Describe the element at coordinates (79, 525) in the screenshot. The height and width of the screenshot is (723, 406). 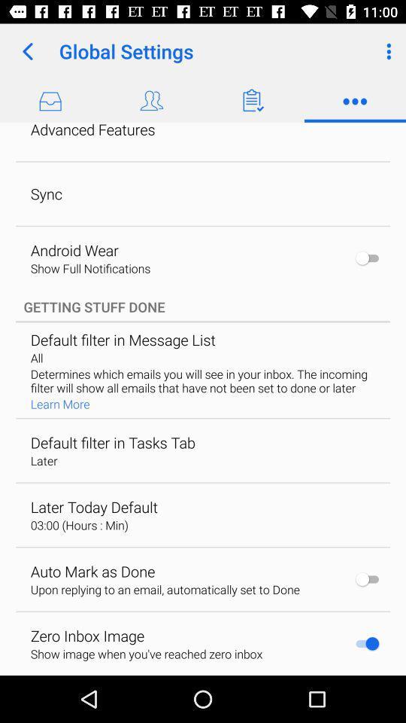
I see `app below later today default item` at that location.